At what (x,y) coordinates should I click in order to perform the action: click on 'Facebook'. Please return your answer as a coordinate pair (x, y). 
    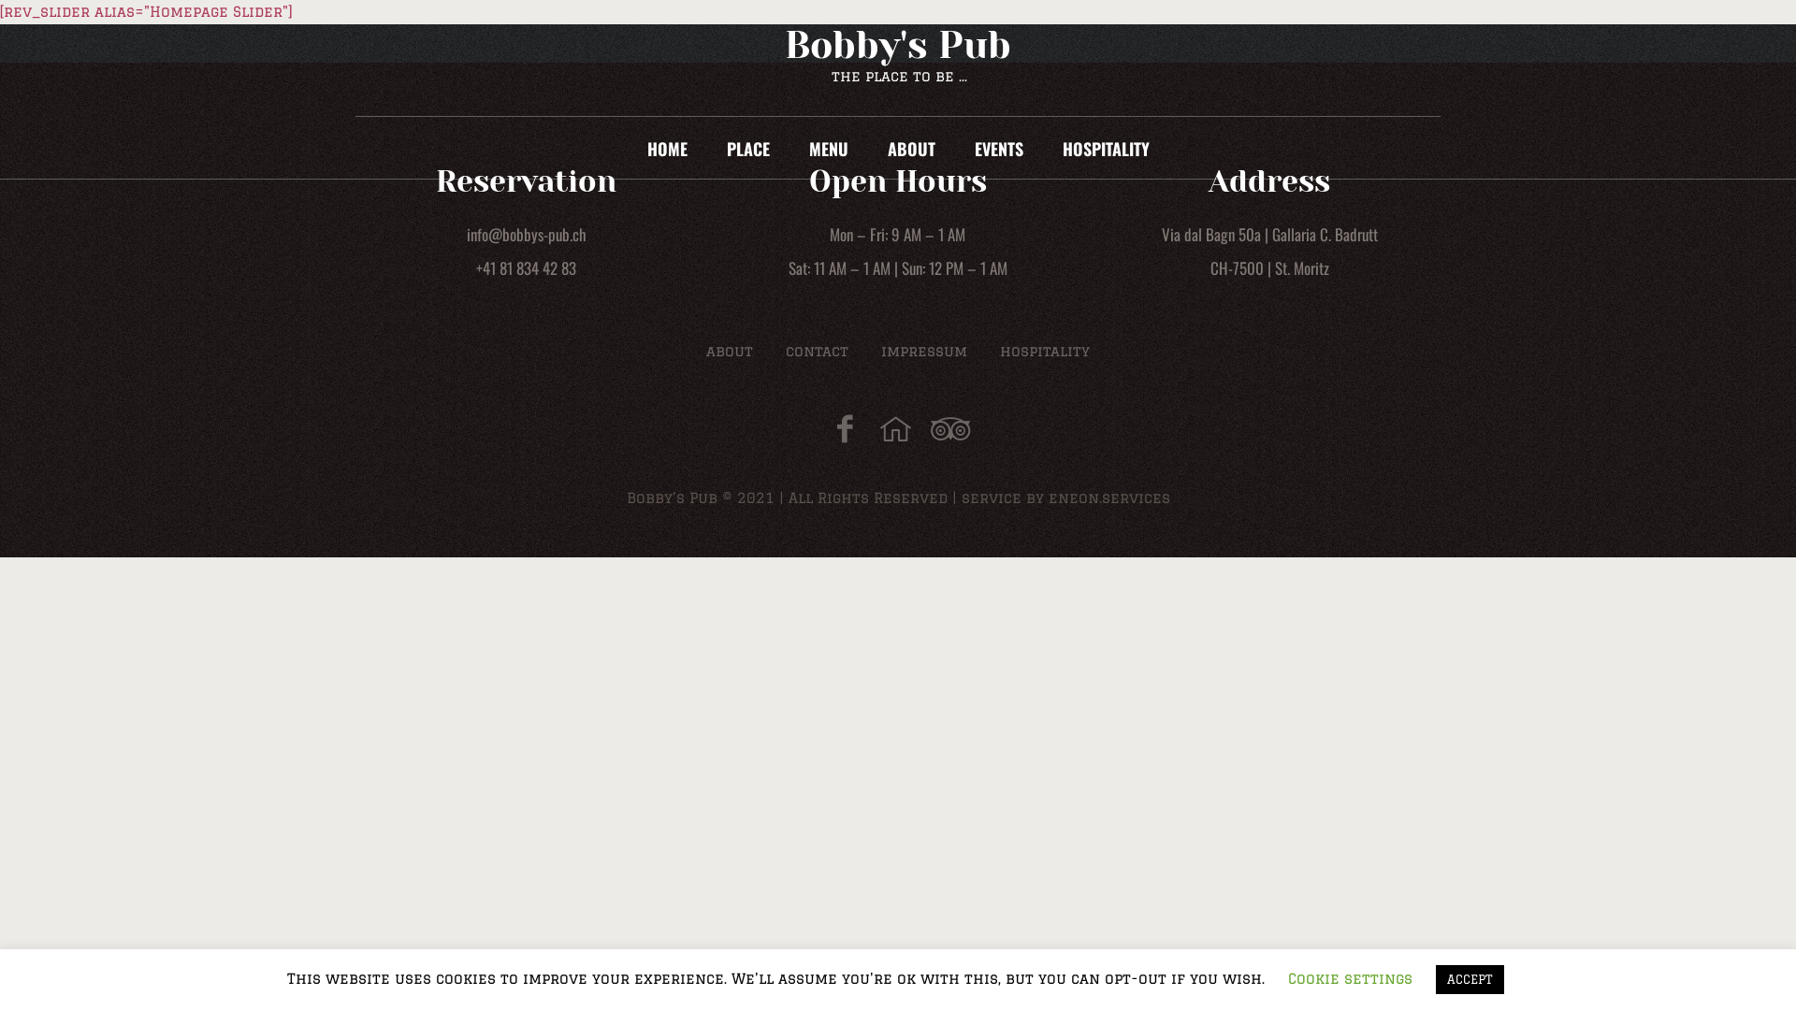
    Looking at the image, I should click on (844, 428).